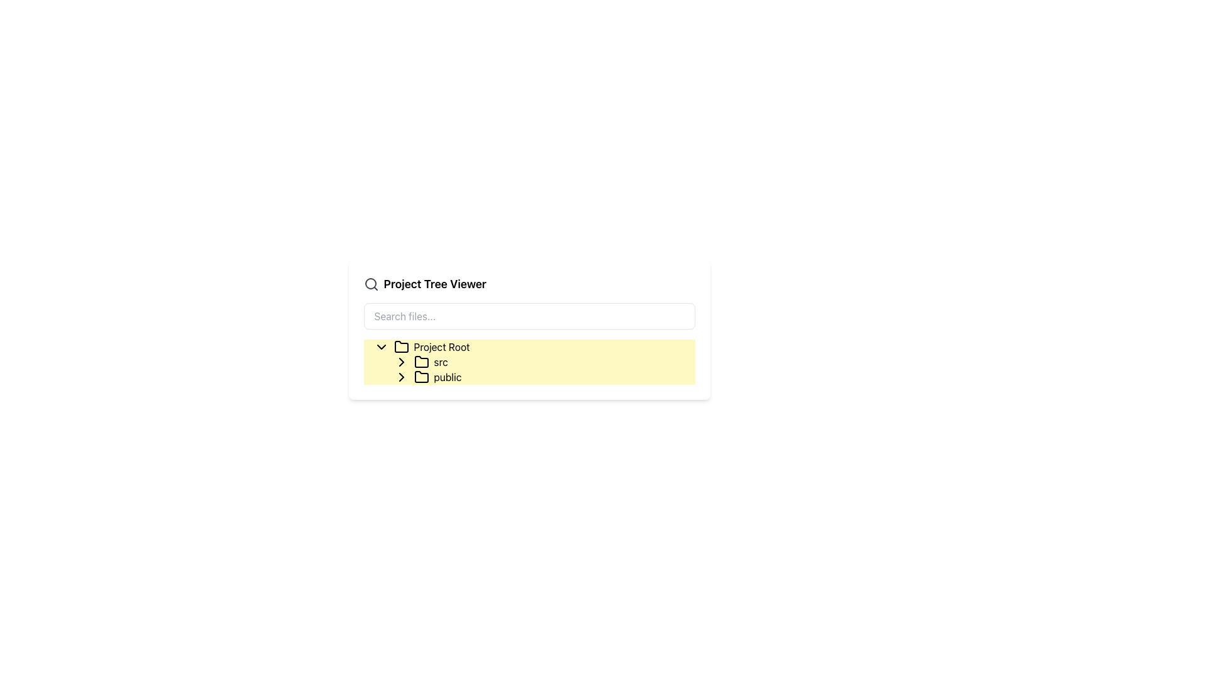 Image resolution: width=1205 pixels, height=678 pixels. Describe the element at coordinates (400, 347) in the screenshot. I see `the row labeled 'Project Root' by clicking on the folder icon located in the top-left portion of the highlighted yellow row` at that location.